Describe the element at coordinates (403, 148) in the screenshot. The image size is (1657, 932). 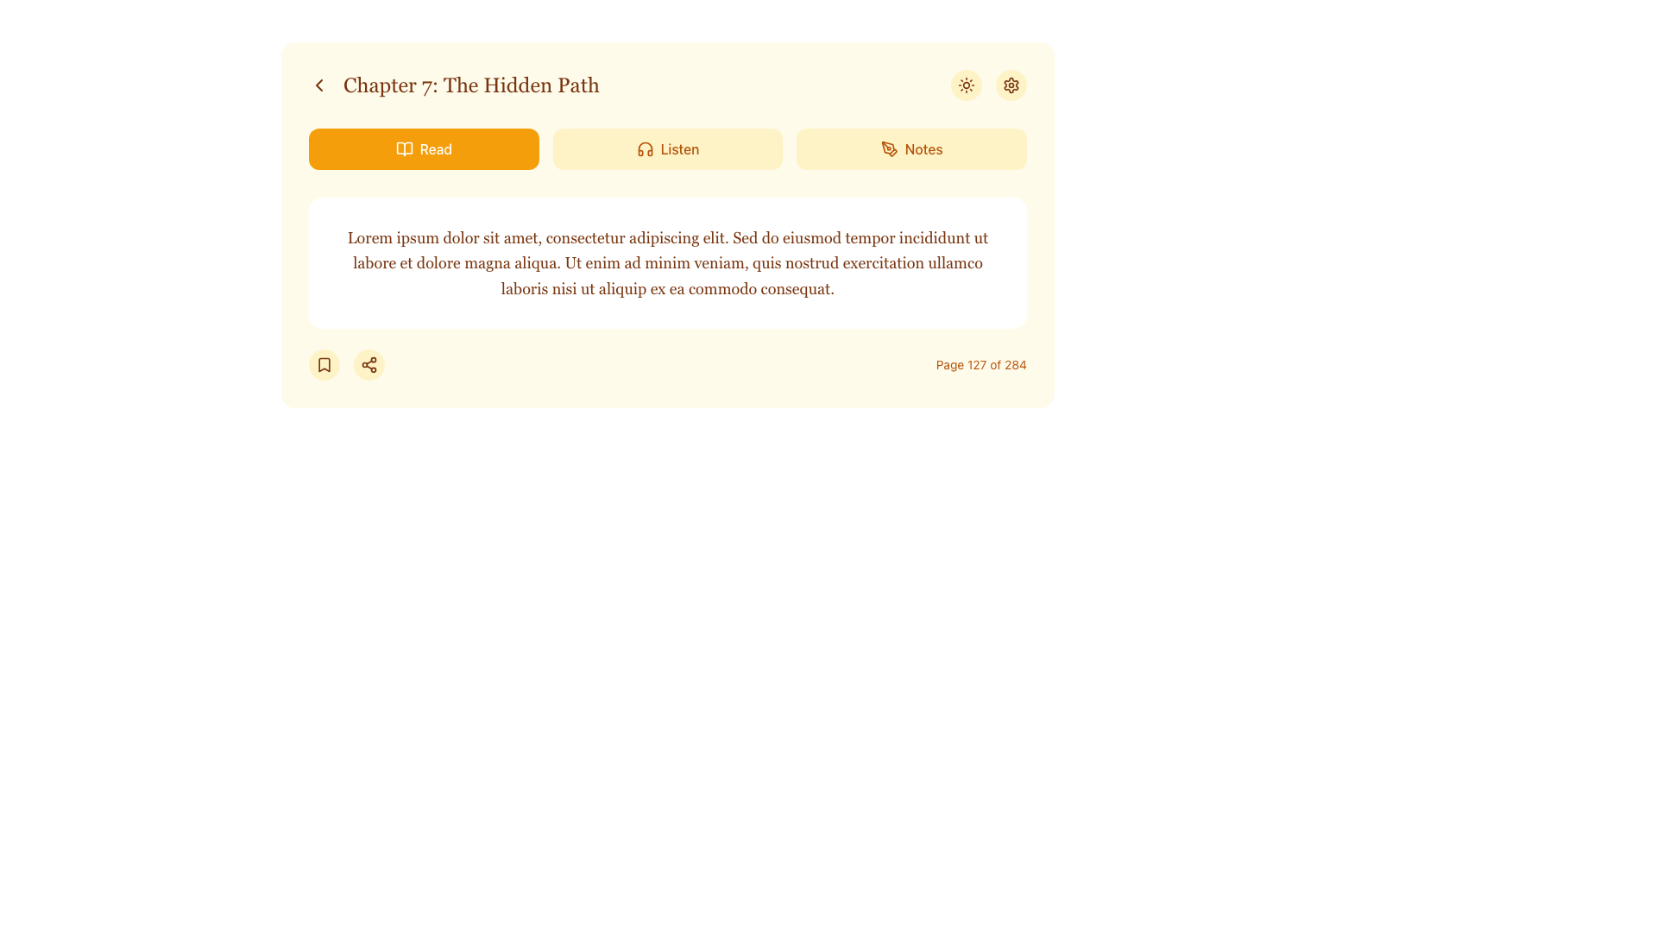
I see `the open book icon, which is a decorative SVG element characterized by its symmetrical inward-curved shapes and central vertical line, located within the yellow button titled 'Read'` at that location.